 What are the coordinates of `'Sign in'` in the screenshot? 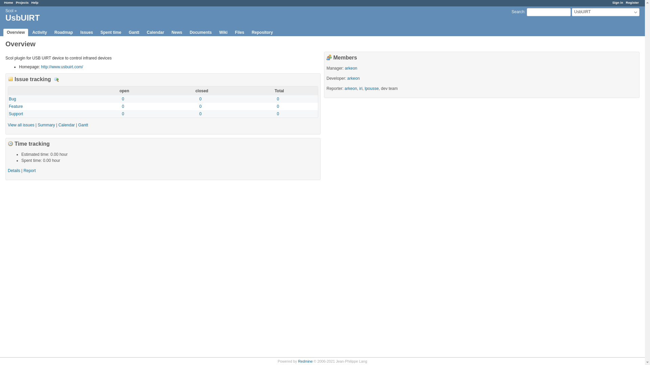 It's located at (617, 2).